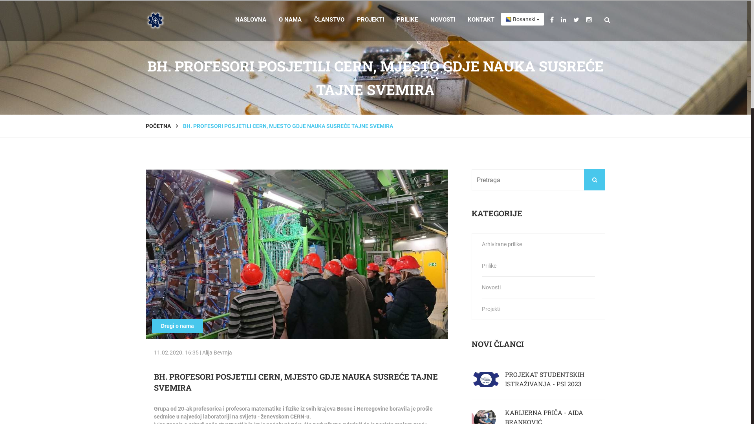  I want to click on 'Projekti', so click(538, 308).